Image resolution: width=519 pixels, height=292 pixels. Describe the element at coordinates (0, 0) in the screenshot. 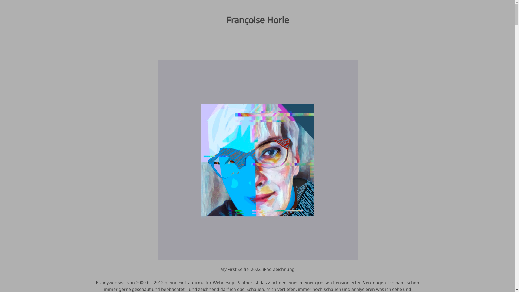

I see `'Zum Inhalt springen'` at that location.